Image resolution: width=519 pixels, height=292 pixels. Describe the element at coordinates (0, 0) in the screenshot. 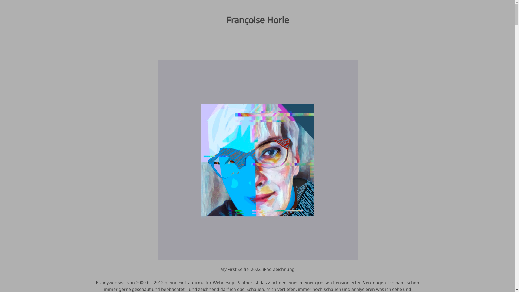

I see `'Zum Inhalt springen'` at that location.